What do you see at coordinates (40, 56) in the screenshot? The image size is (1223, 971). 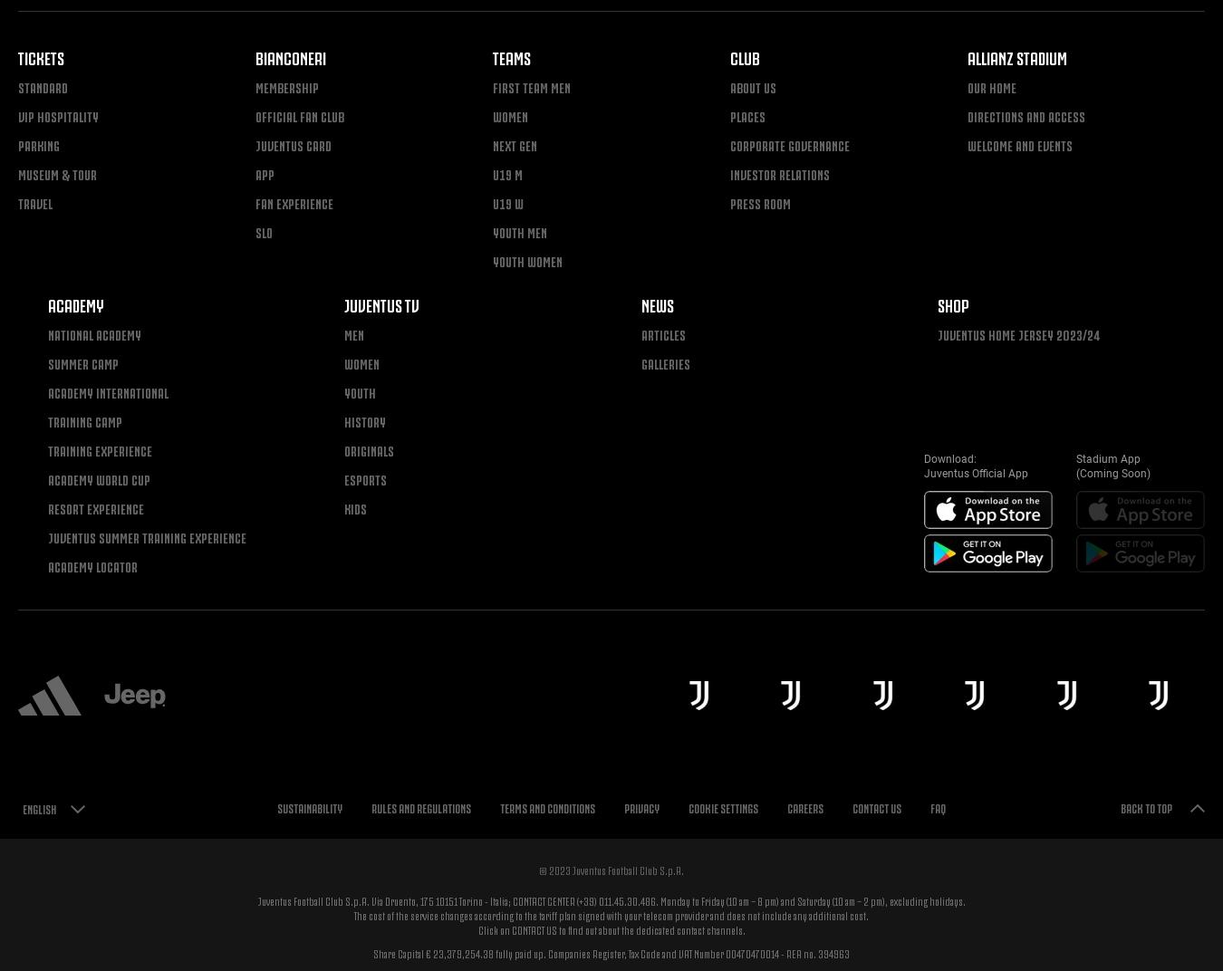 I see `'Tickets'` at bounding box center [40, 56].